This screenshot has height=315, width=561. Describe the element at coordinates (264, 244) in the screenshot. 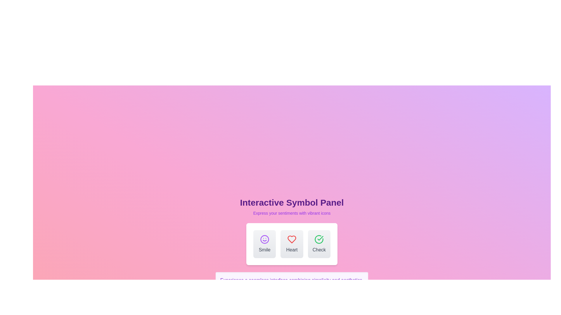

I see `the 'Smile' button, the first button` at that location.